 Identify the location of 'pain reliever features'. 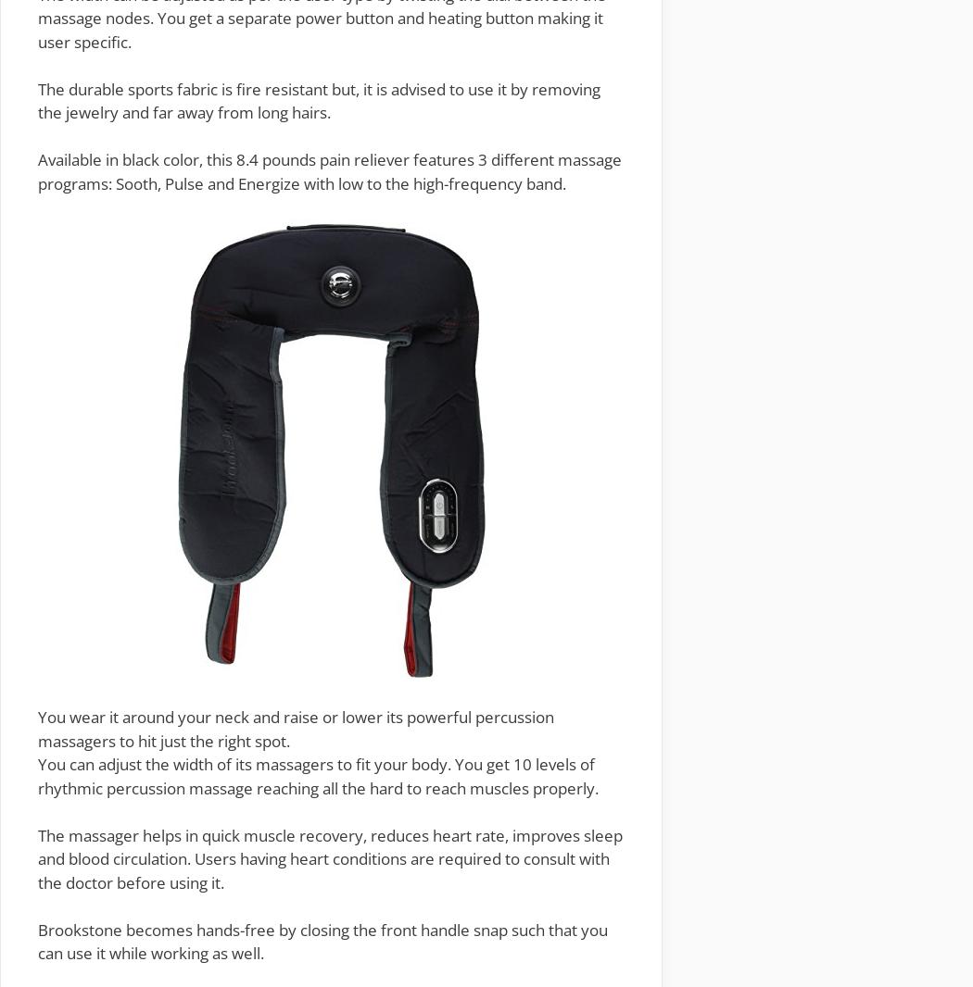
(396, 158).